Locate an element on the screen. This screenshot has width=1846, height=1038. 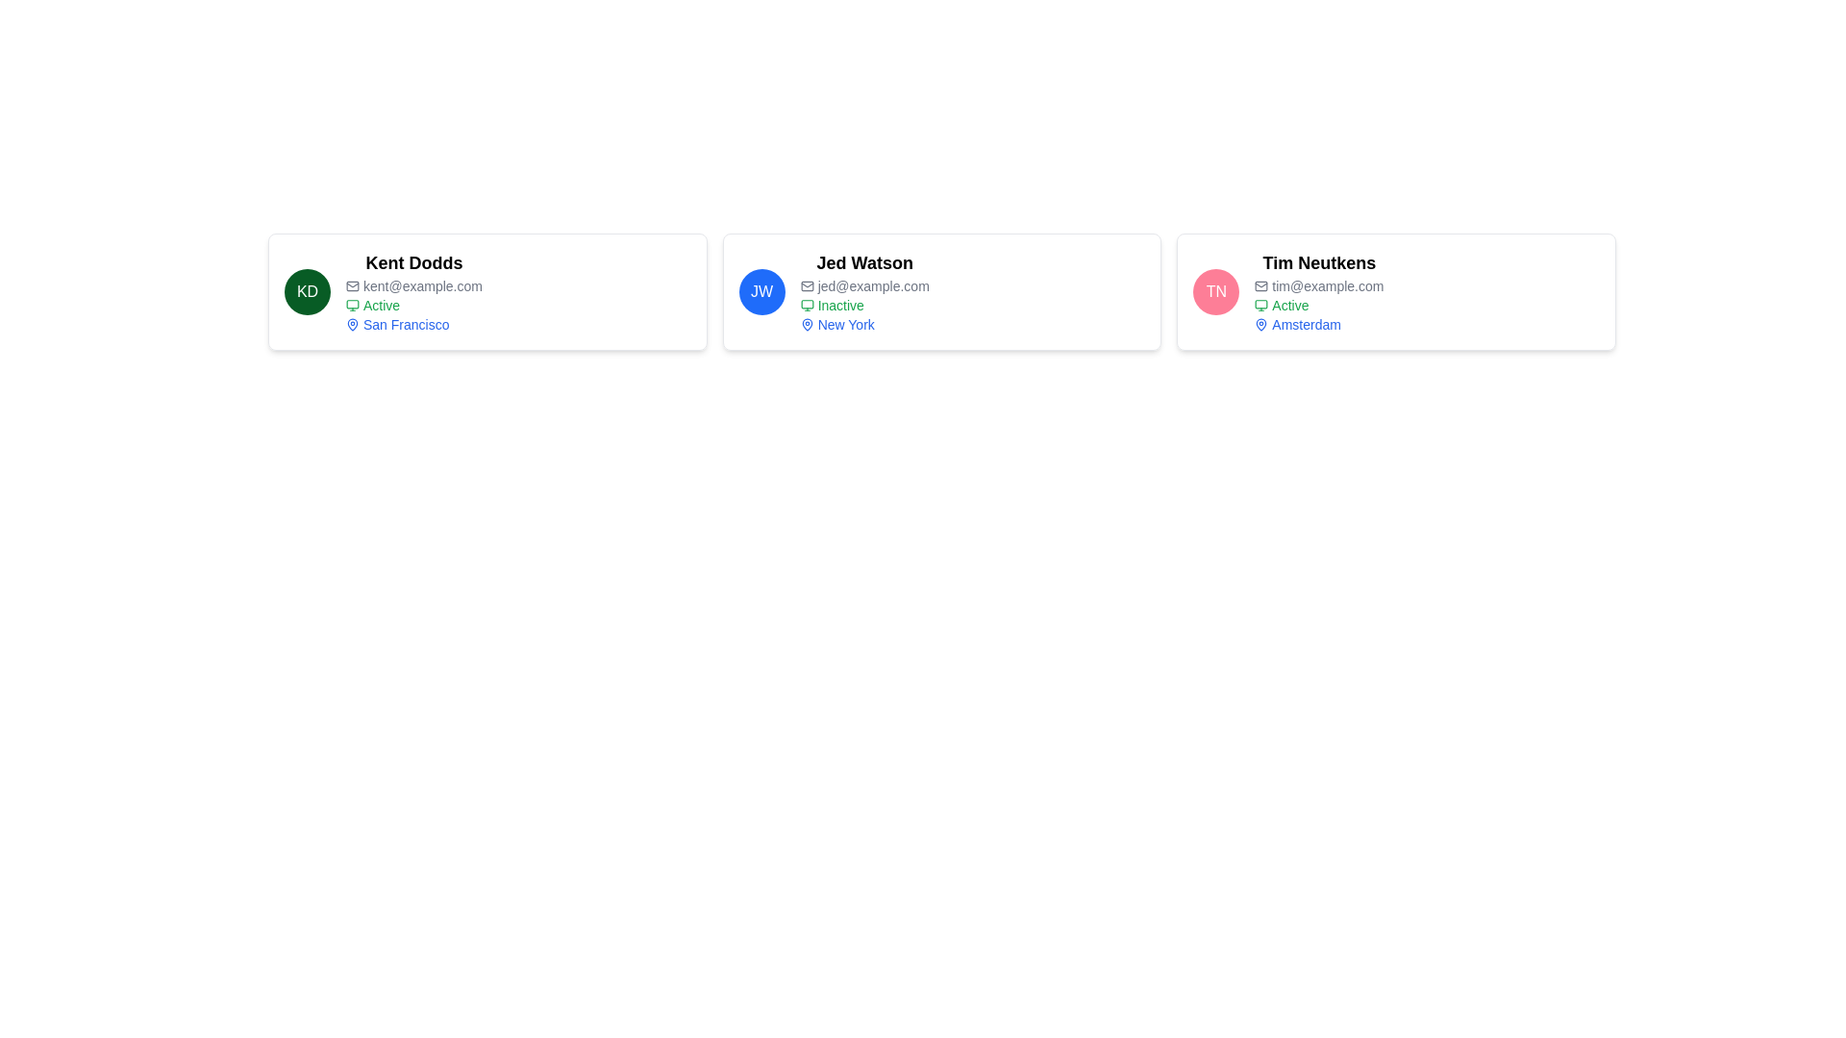
the blue outlined map pin icon located to the left of the text 'San Francisco' in the user card for 'Kent Dodds' is located at coordinates (352, 324).